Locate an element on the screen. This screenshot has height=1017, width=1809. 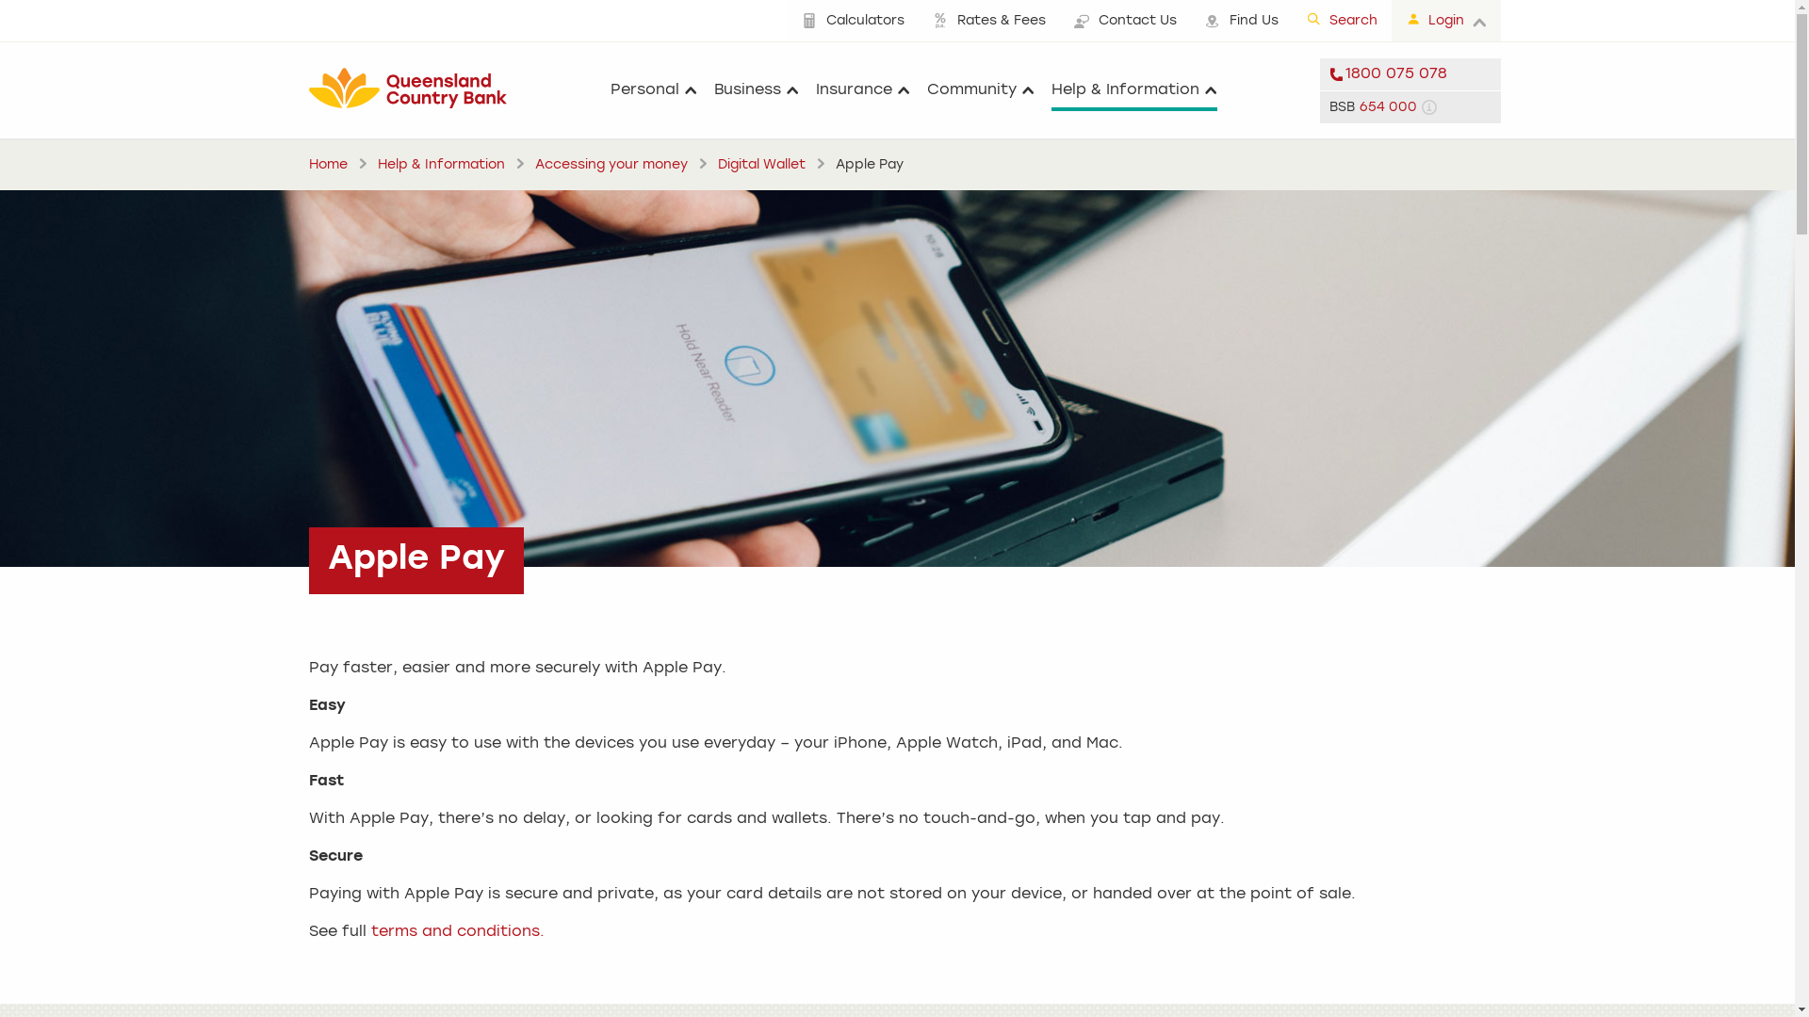
'Rates & Fees' is located at coordinates (987, 21).